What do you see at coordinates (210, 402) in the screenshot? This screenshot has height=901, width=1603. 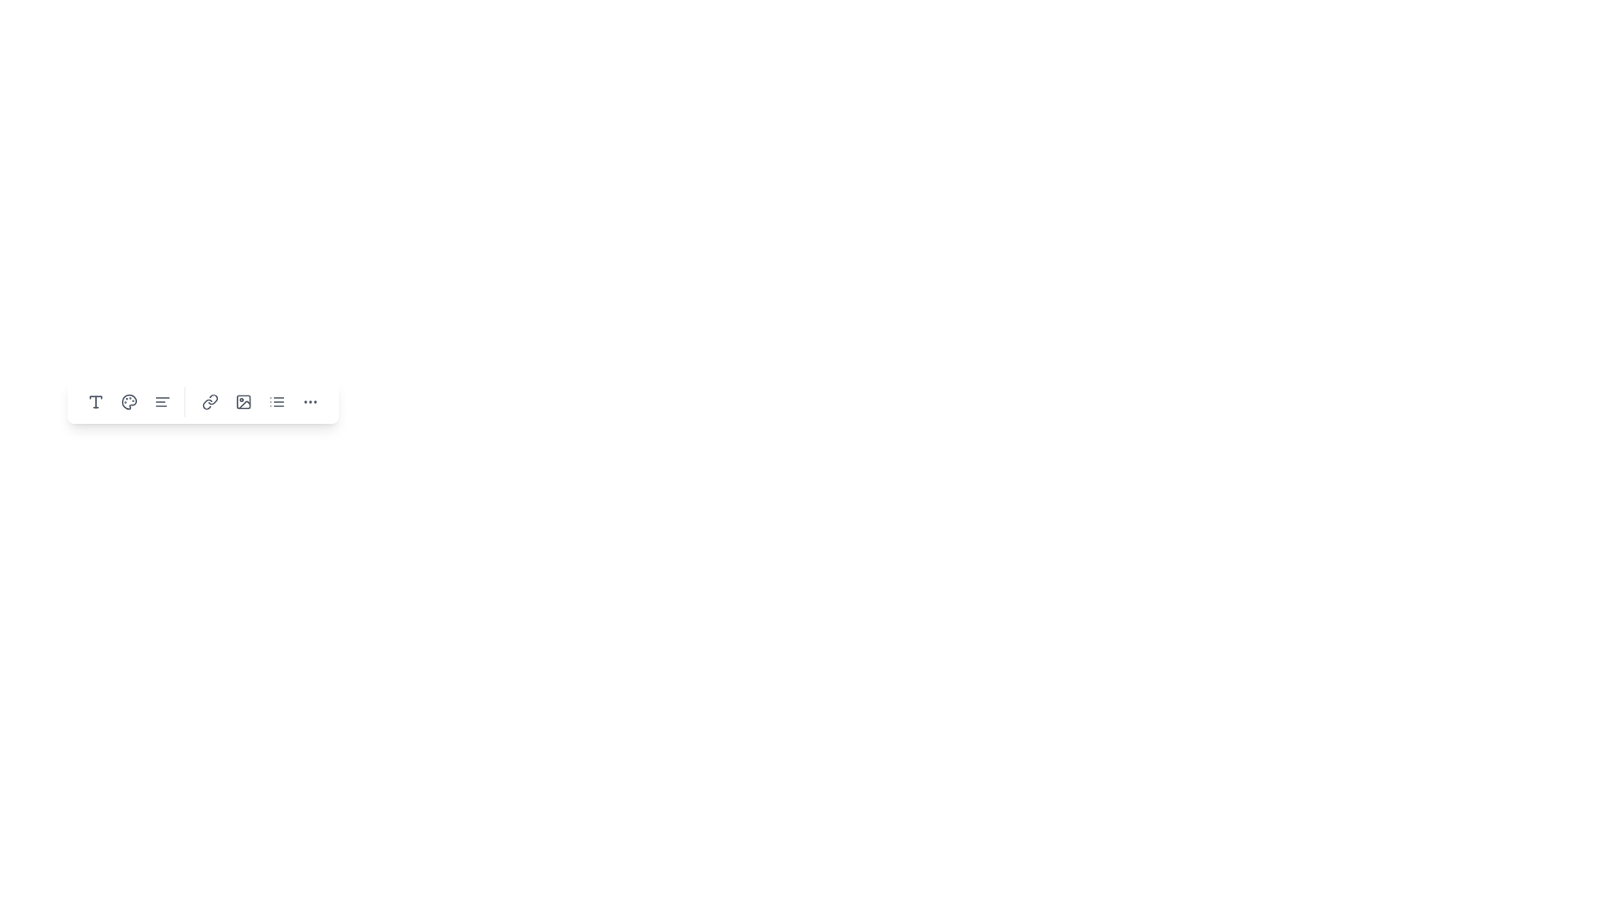 I see `the square button with rounded corners featuring a chain link icon` at bounding box center [210, 402].